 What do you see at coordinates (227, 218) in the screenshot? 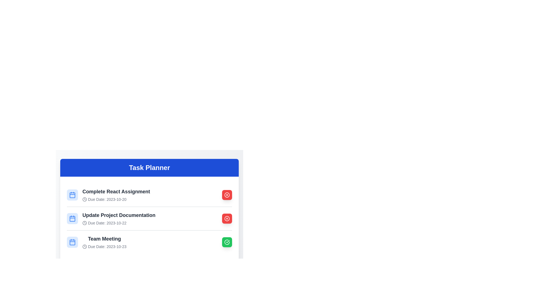
I see `the circular red button with a white border and a centered white 'X' icon` at bounding box center [227, 218].